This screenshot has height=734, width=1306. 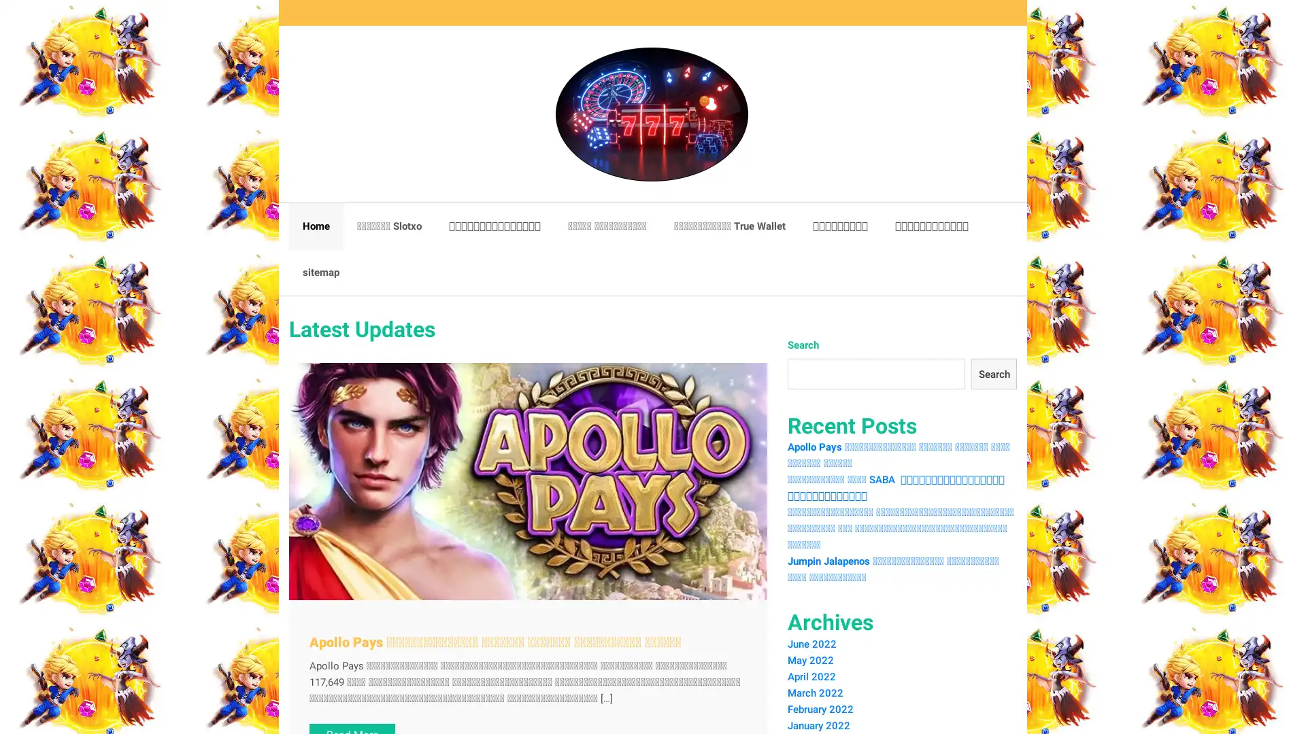 What do you see at coordinates (993, 374) in the screenshot?
I see `Search` at bounding box center [993, 374].